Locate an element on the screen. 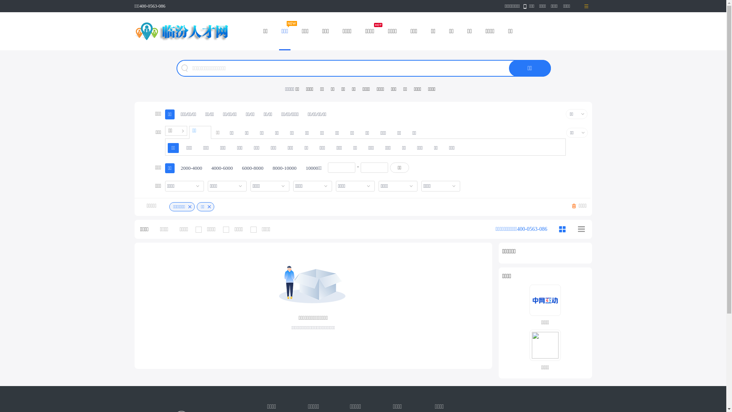 The height and width of the screenshot is (412, 732). '6000-8000' is located at coordinates (239, 167).